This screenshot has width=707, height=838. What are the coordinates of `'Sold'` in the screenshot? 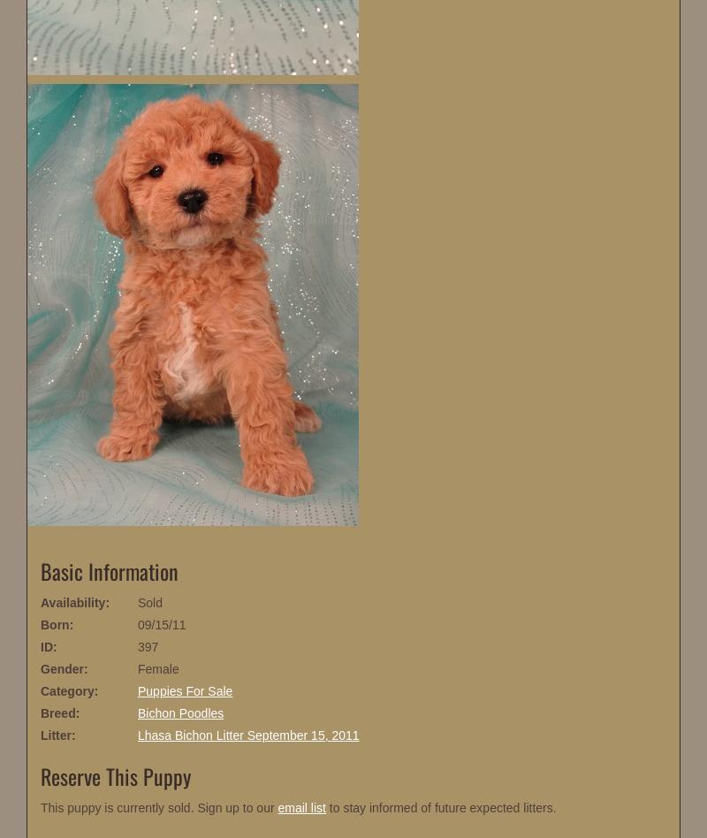 It's located at (149, 601).